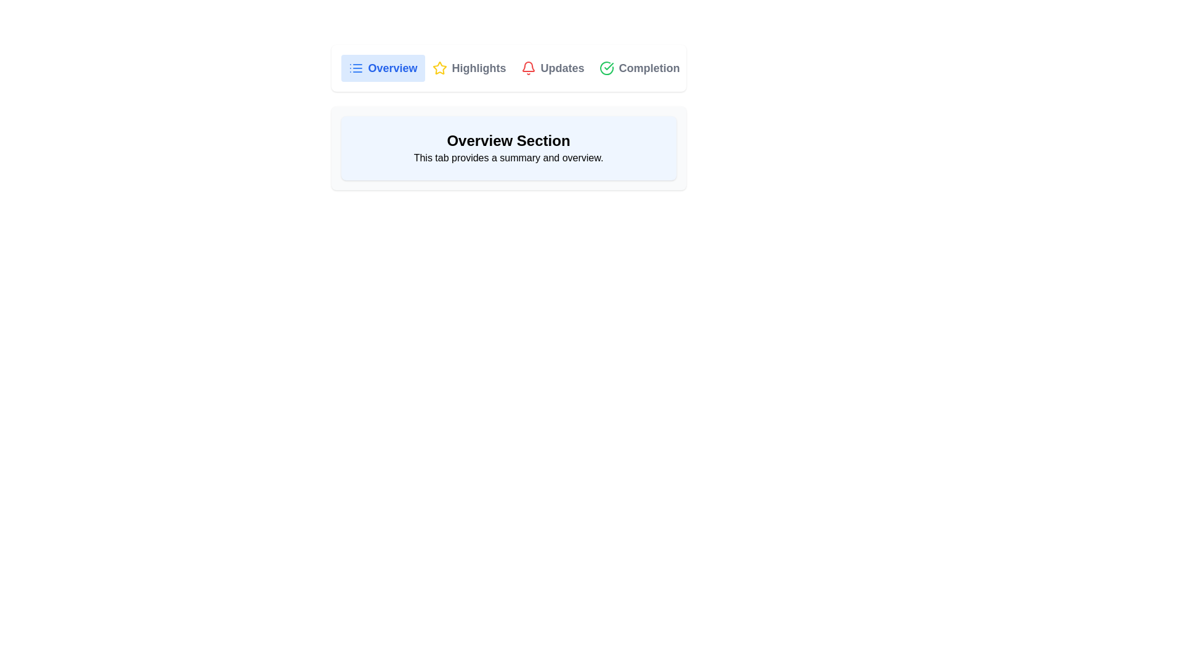  I want to click on the 'Updates' label in the navigation tab, so click(562, 68).